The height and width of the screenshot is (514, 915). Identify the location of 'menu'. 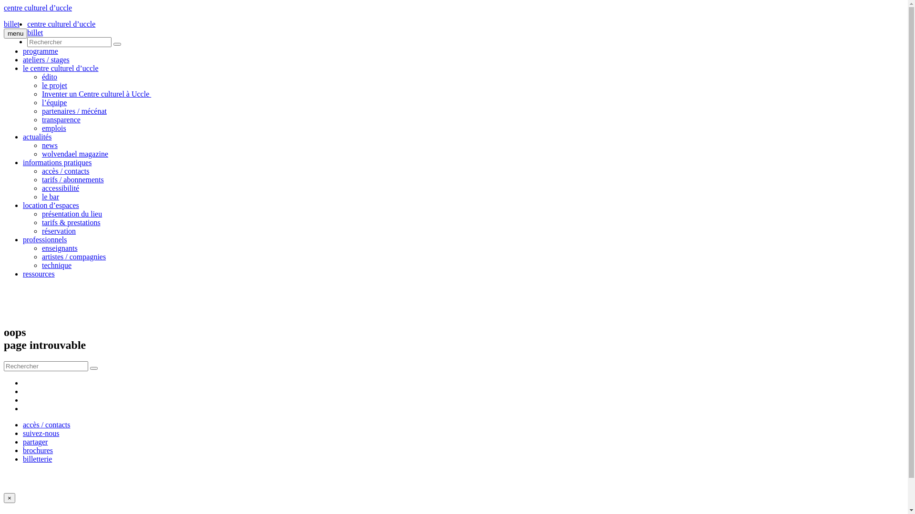
(4, 33).